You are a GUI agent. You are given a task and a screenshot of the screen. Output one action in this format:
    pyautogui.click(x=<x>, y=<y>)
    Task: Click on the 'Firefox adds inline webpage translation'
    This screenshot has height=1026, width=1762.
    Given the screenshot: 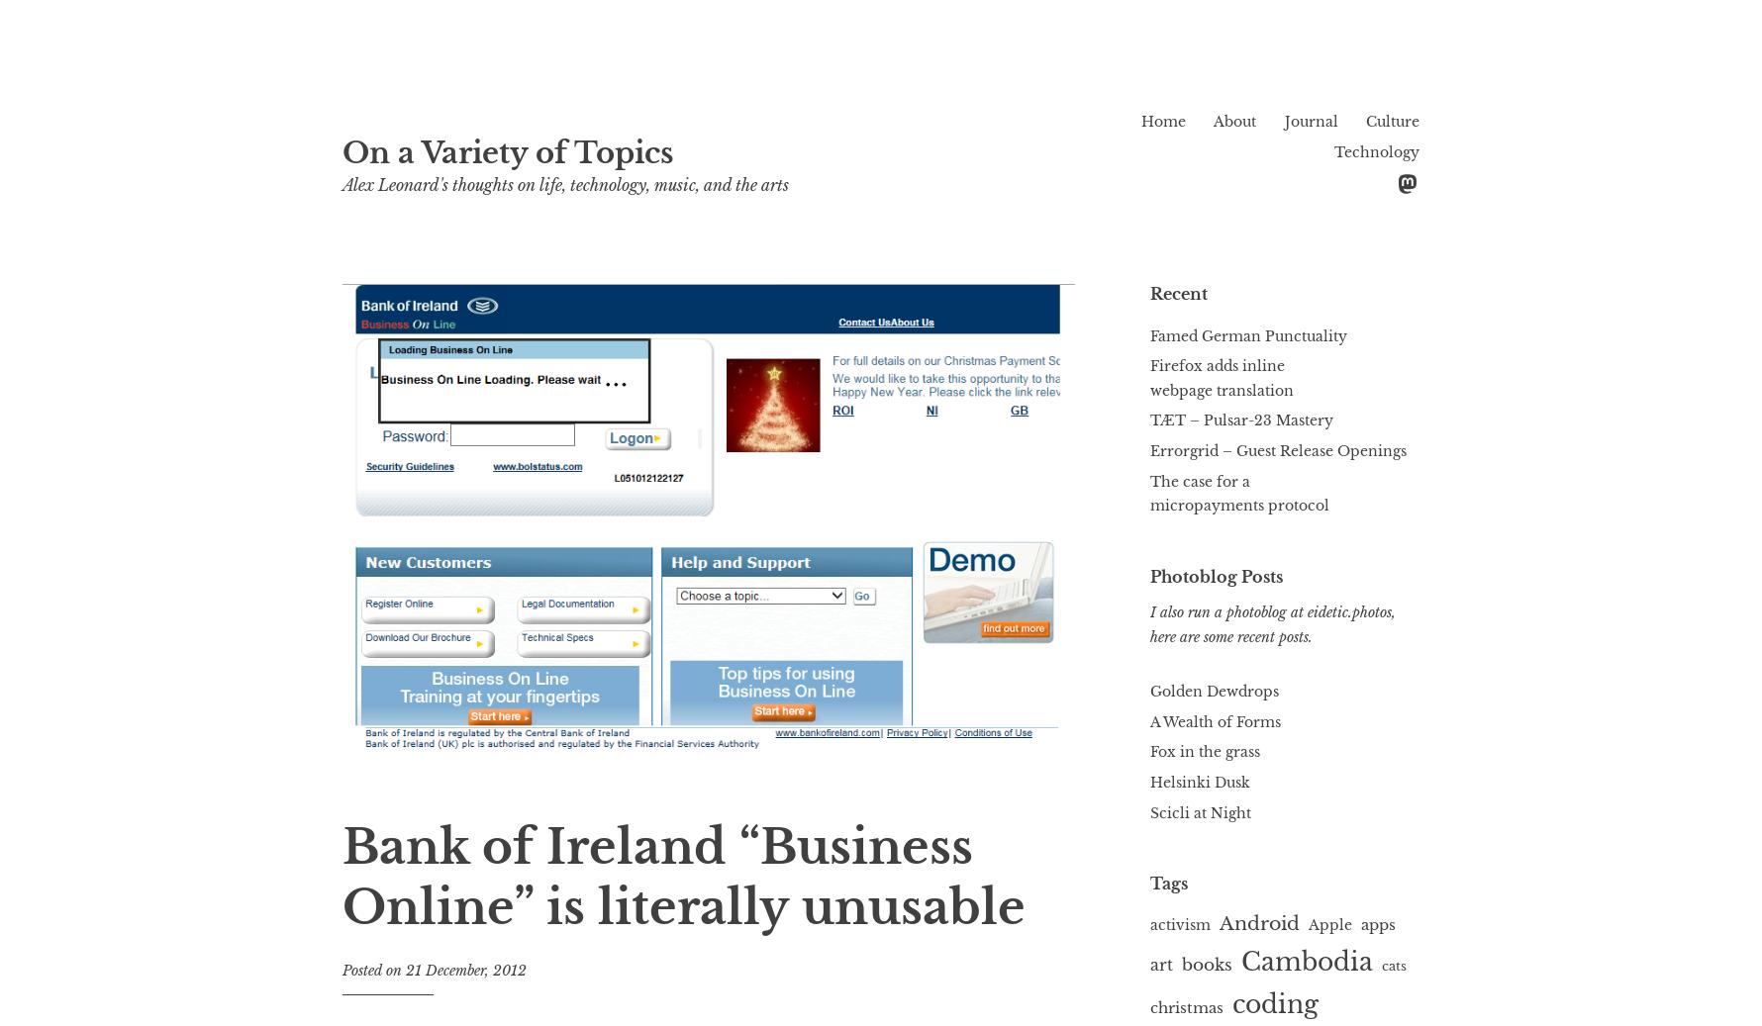 What is the action you would take?
    pyautogui.click(x=1222, y=377)
    